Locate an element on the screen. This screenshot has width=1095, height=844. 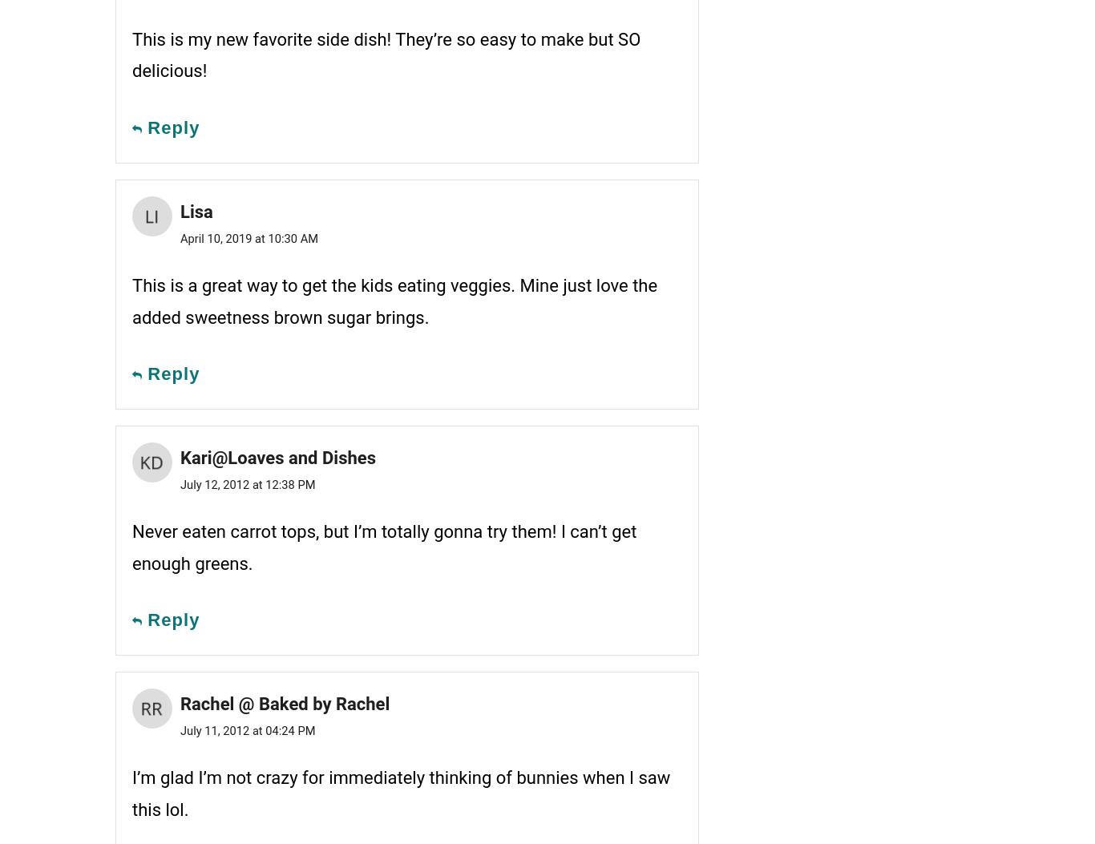
'Lisa' is located at coordinates (196, 210).